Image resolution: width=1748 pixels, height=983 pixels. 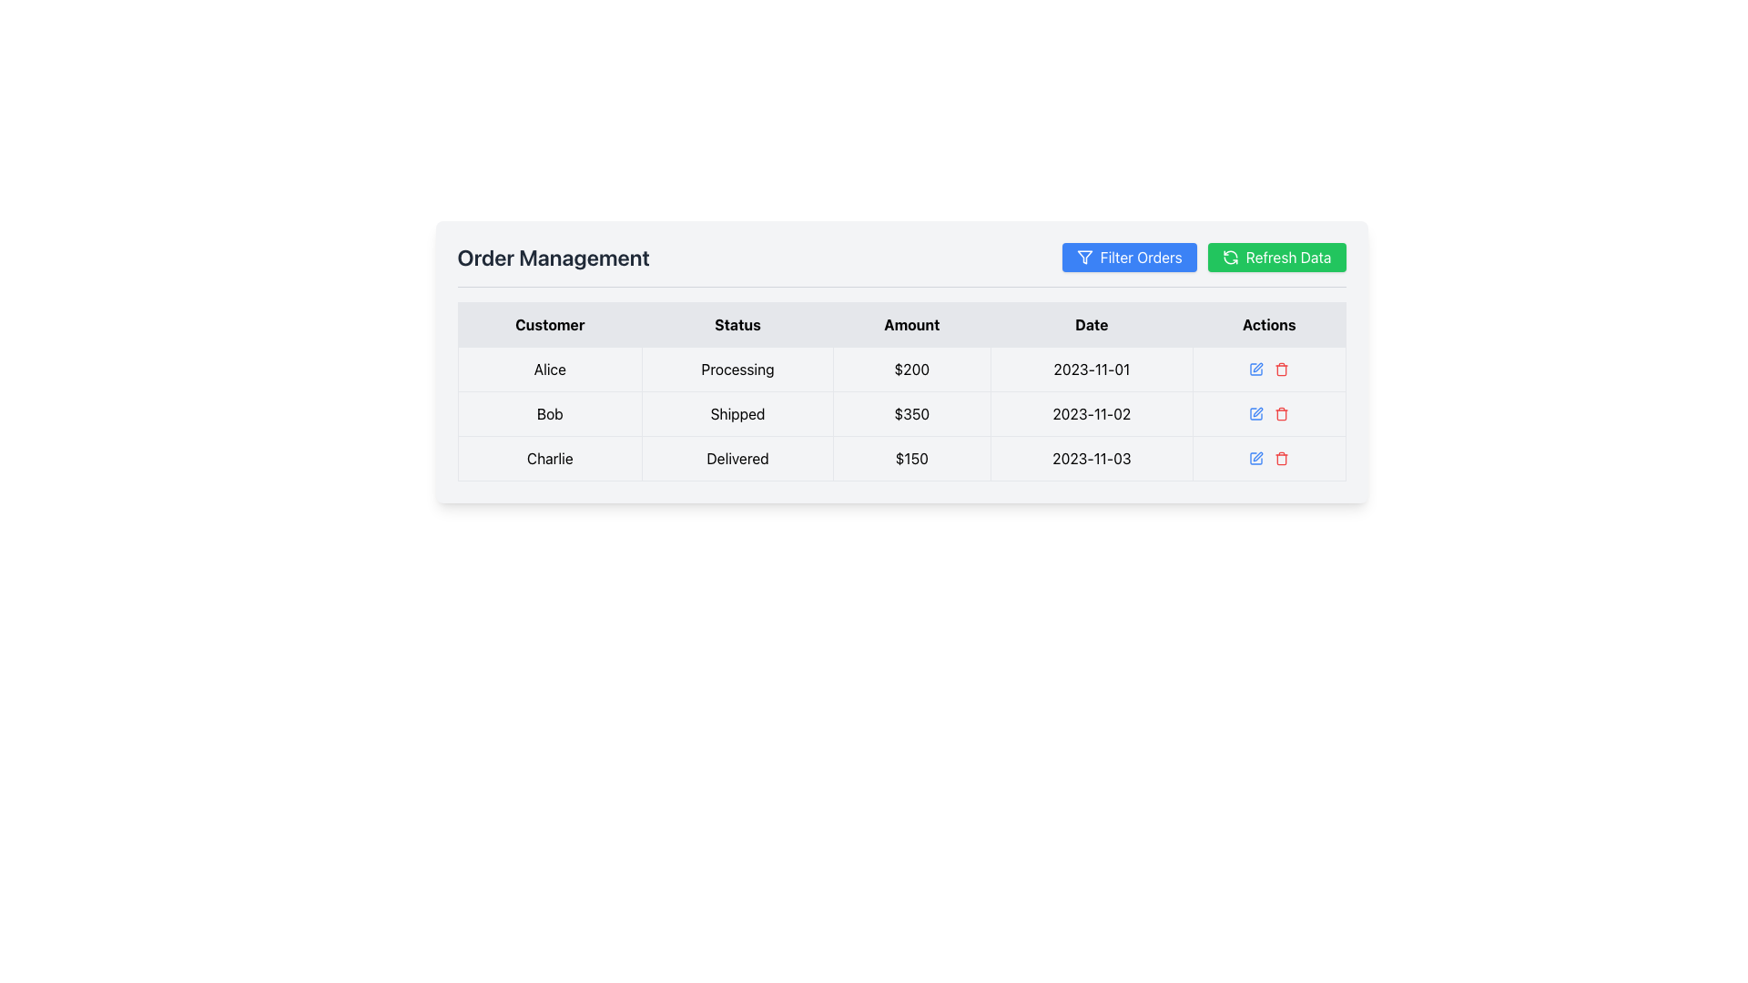 What do you see at coordinates (737, 324) in the screenshot?
I see `the 'Status' column header in the table, which is the second column in the header row containing labels such as 'Customer', 'Status', 'Amount', 'Date', and 'Actions'` at bounding box center [737, 324].